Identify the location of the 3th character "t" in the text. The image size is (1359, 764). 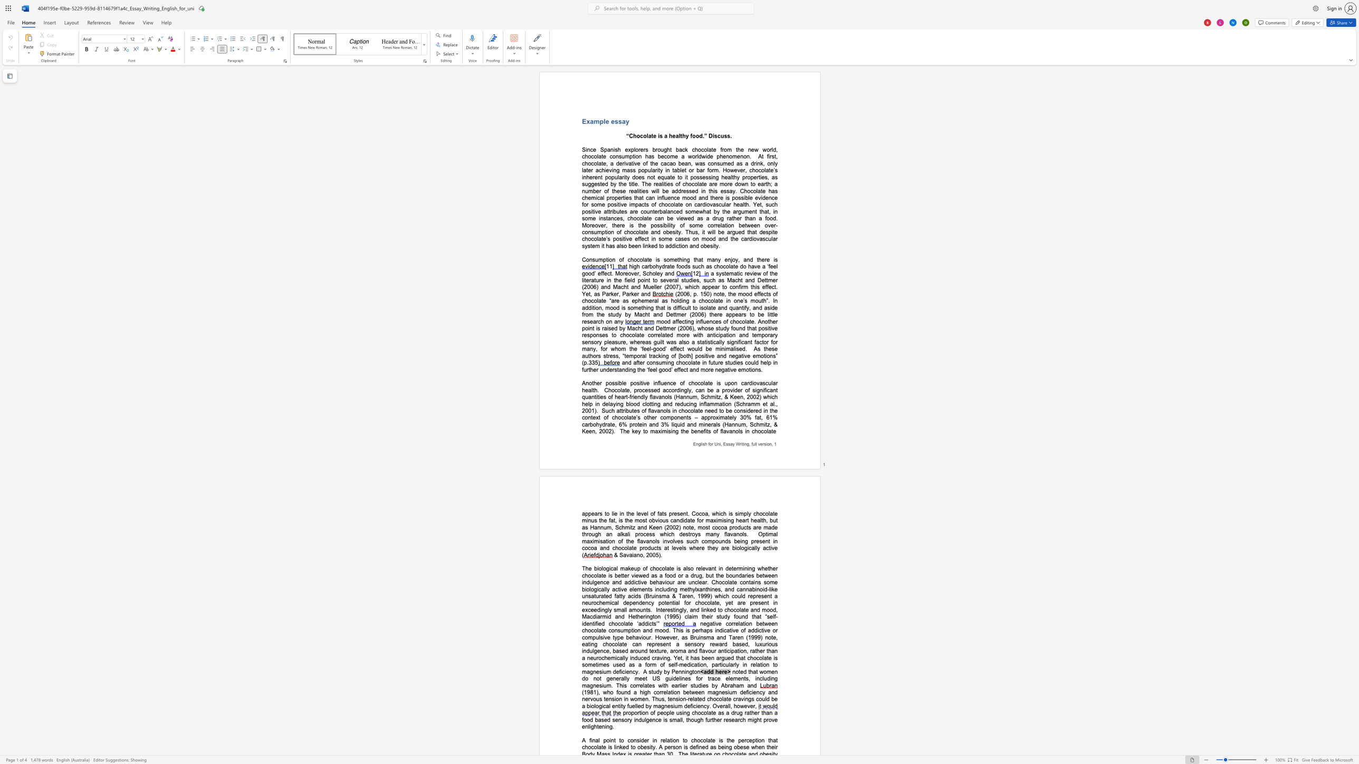
(606, 355).